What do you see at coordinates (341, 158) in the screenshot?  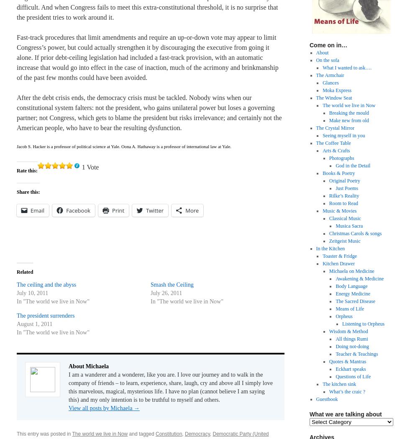 I see `'Photographs'` at bounding box center [341, 158].